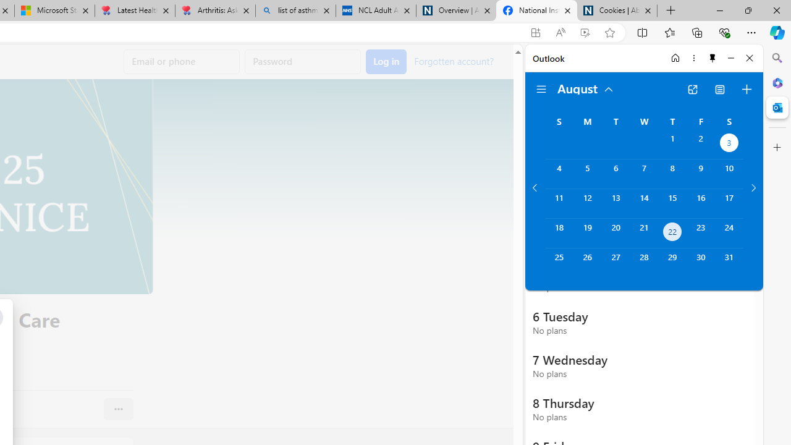  Describe the element at coordinates (729, 233) in the screenshot. I see `'Saturday, August 24, 2024. '` at that location.